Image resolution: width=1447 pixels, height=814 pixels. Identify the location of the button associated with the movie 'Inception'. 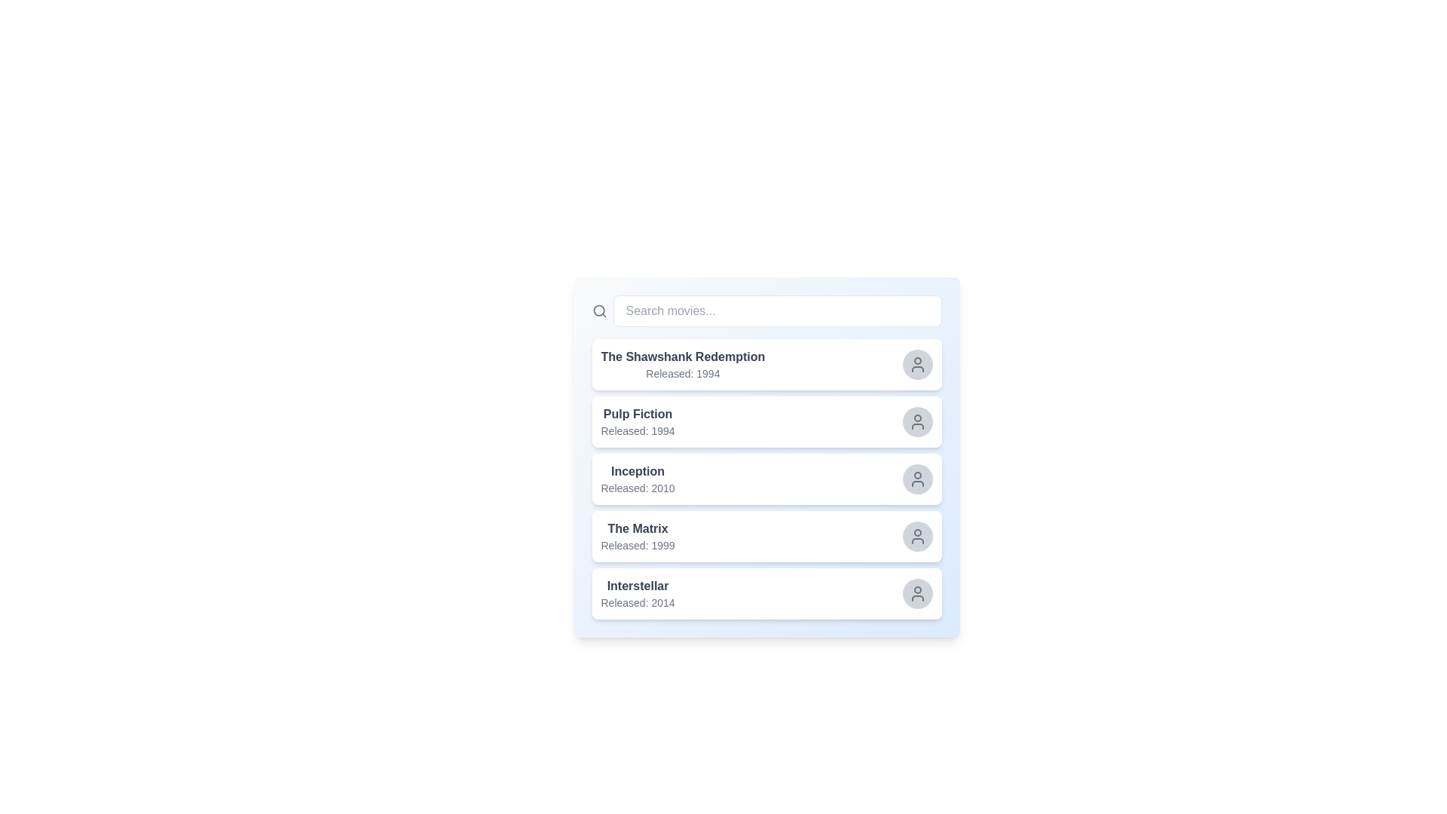
(916, 479).